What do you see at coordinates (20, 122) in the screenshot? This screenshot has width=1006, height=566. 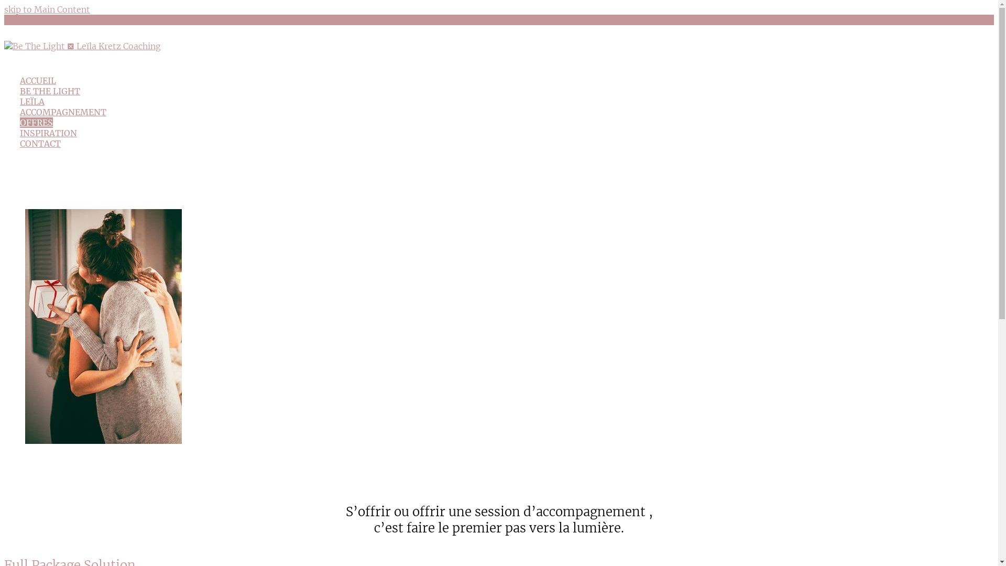 I see `'OFFRES'` at bounding box center [20, 122].